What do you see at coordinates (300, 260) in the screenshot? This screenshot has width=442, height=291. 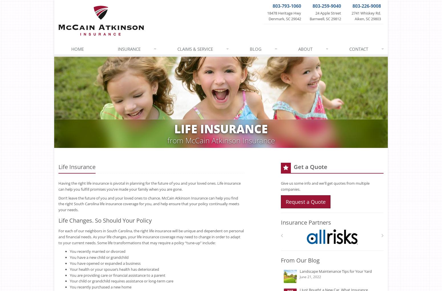 I see `'From Our Blog'` at bounding box center [300, 260].